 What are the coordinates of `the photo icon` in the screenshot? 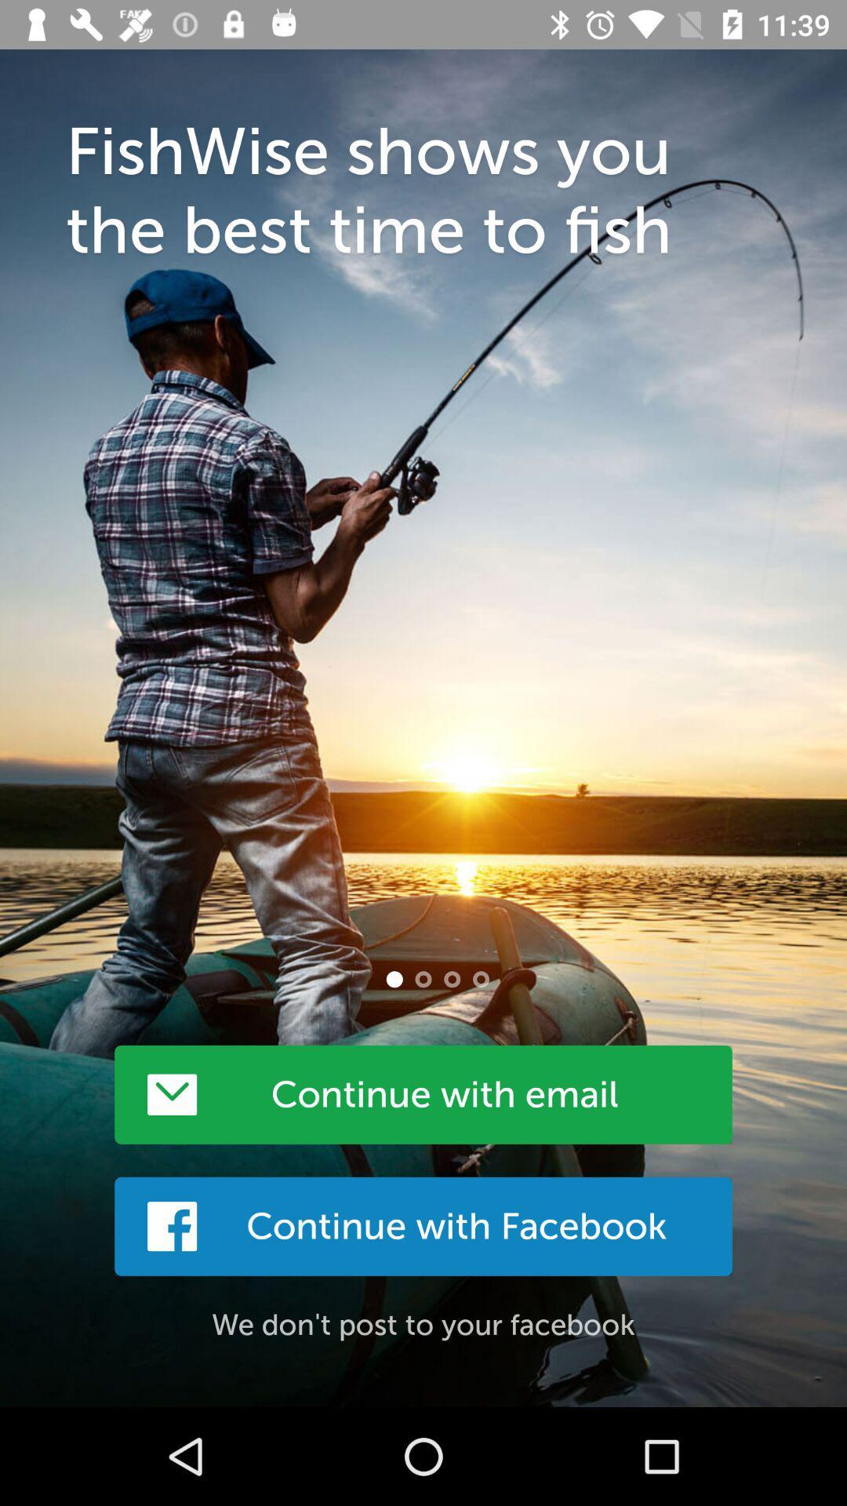 It's located at (423, 978).